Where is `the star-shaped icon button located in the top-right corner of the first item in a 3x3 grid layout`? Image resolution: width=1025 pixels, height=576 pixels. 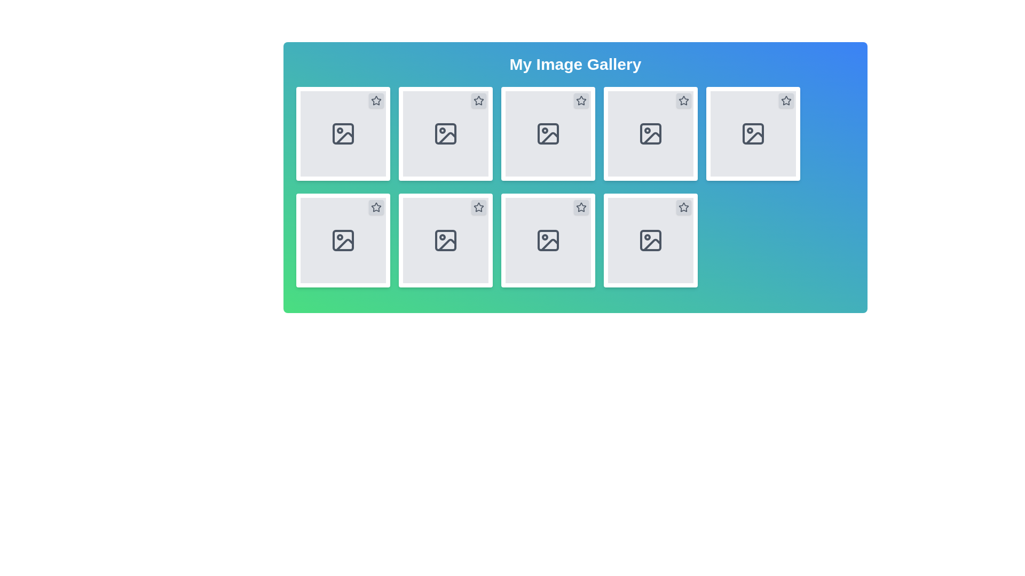
the star-shaped icon button located in the top-right corner of the first item in a 3x3 grid layout is located at coordinates (376, 101).